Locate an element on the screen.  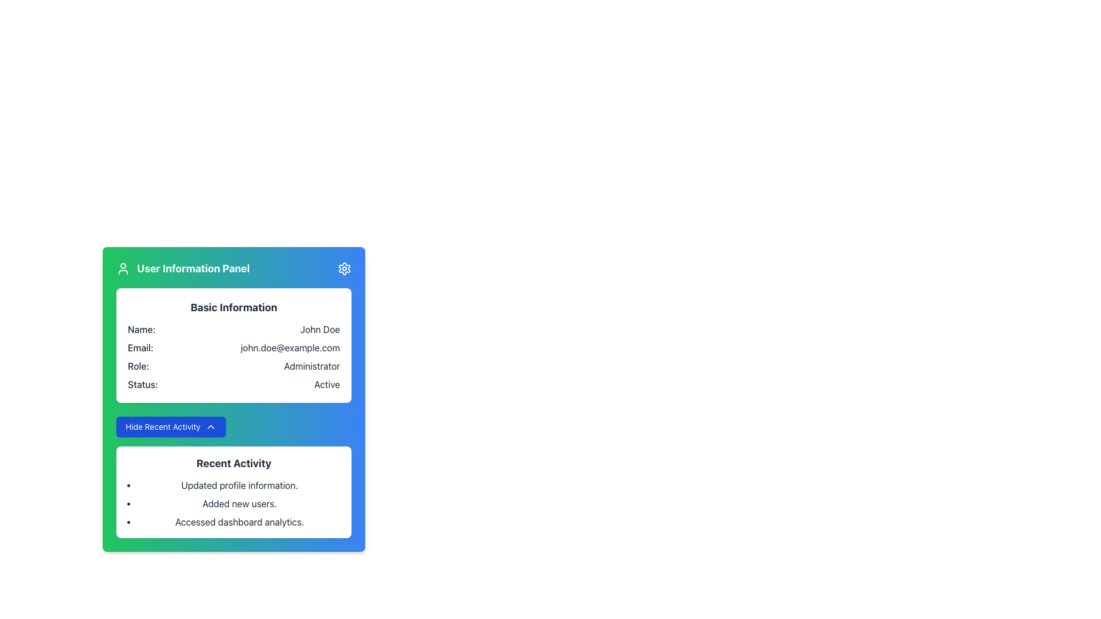
the unordered list containing the items 'Updated profile information.', 'Added new users.', and 'Accessed dashboard analytics.' is located at coordinates (233, 503).